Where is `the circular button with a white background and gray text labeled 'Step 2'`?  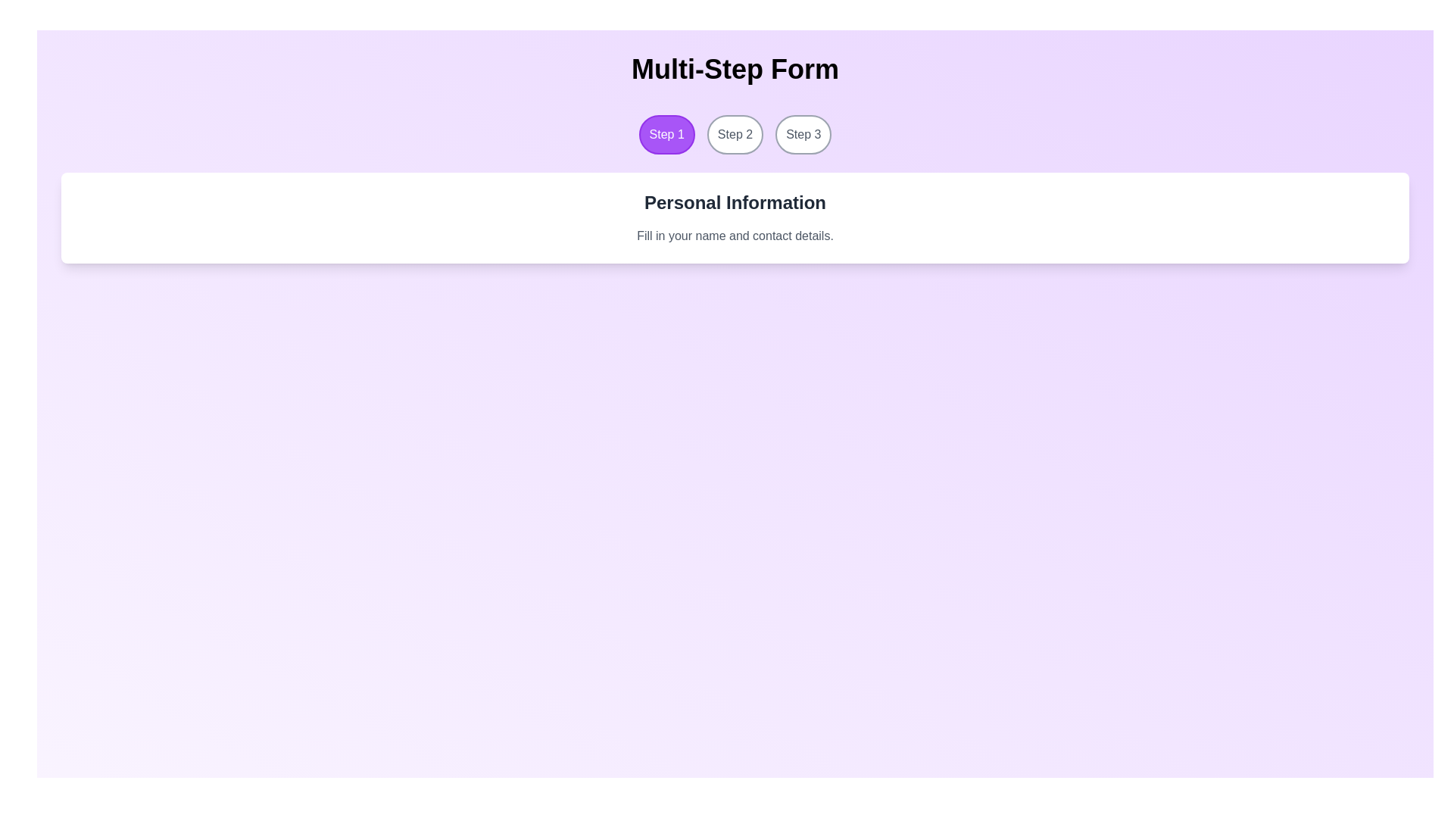 the circular button with a white background and gray text labeled 'Step 2' is located at coordinates (735, 133).